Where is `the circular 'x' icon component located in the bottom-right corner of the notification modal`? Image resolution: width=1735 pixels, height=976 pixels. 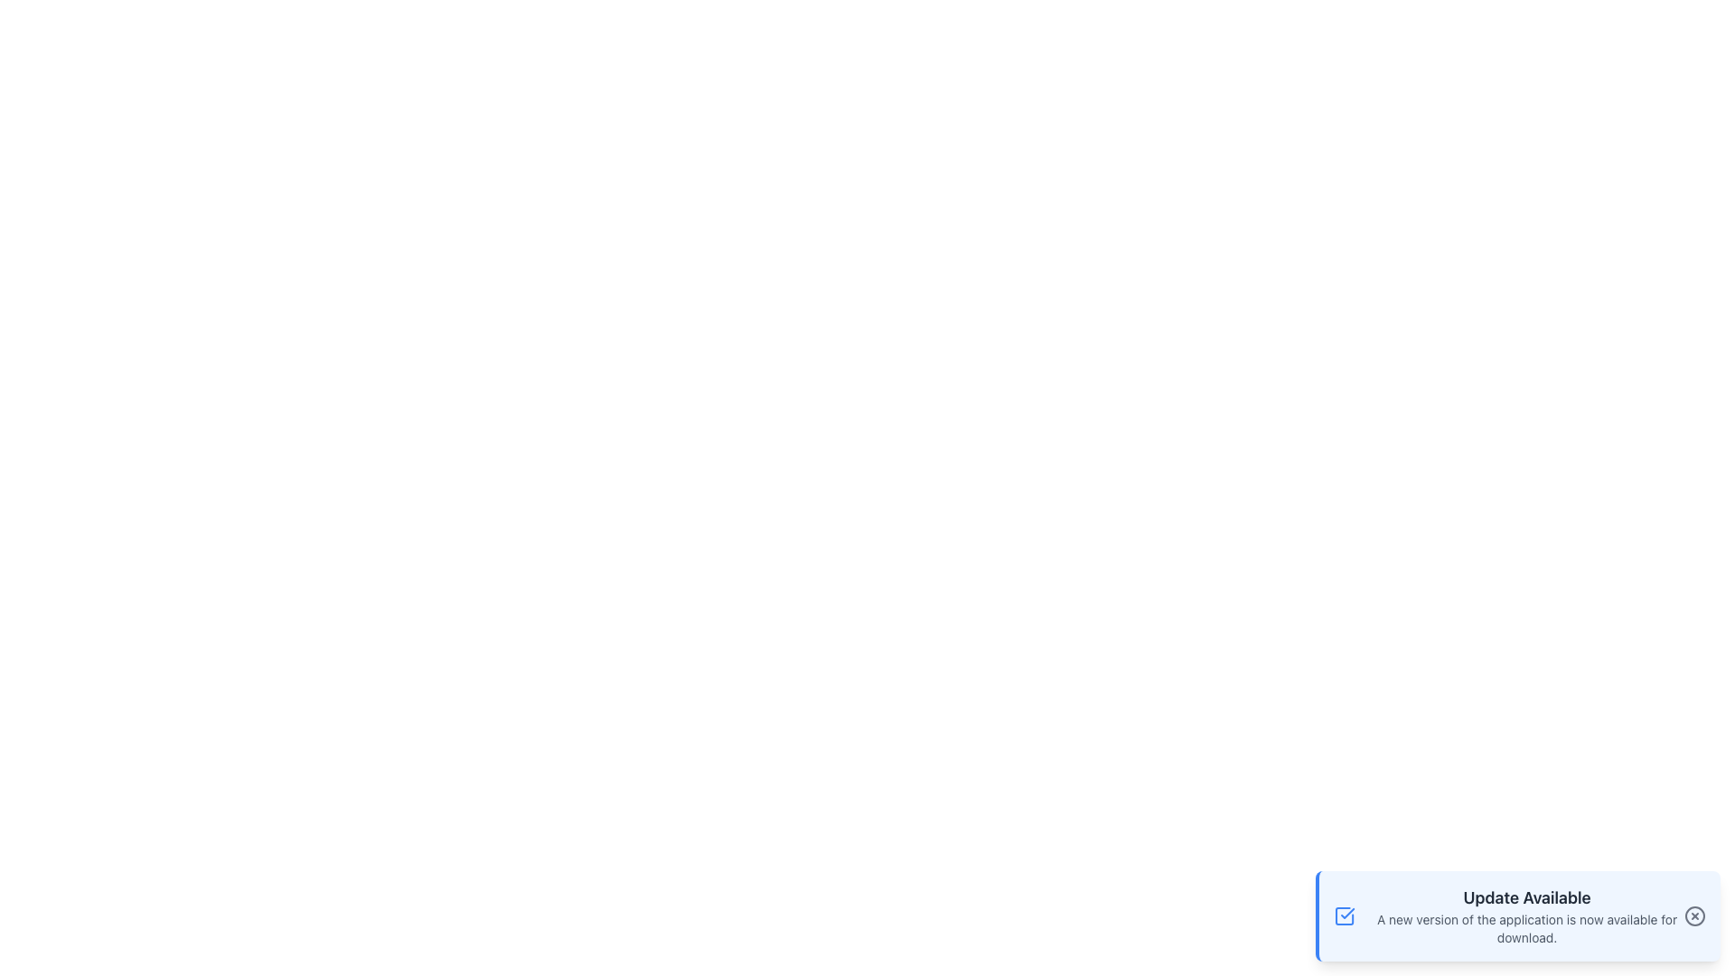 the circular 'x' icon component located in the bottom-right corner of the notification modal is located at coordinates (1694, 916).